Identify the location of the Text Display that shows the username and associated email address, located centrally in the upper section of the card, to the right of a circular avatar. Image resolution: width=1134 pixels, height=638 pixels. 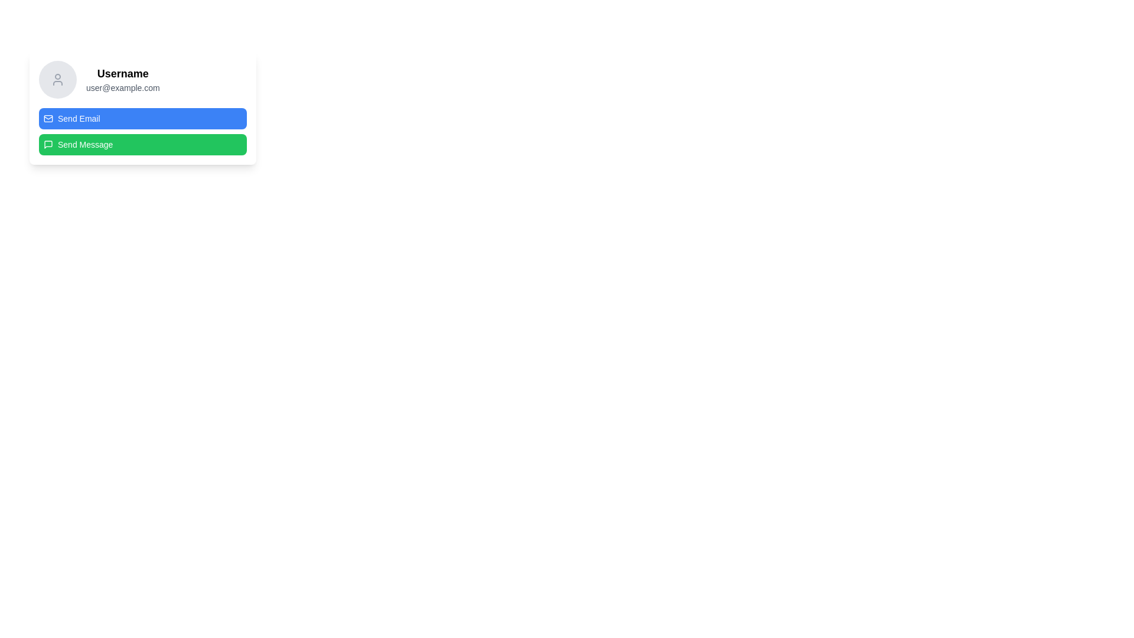
(122, 80).